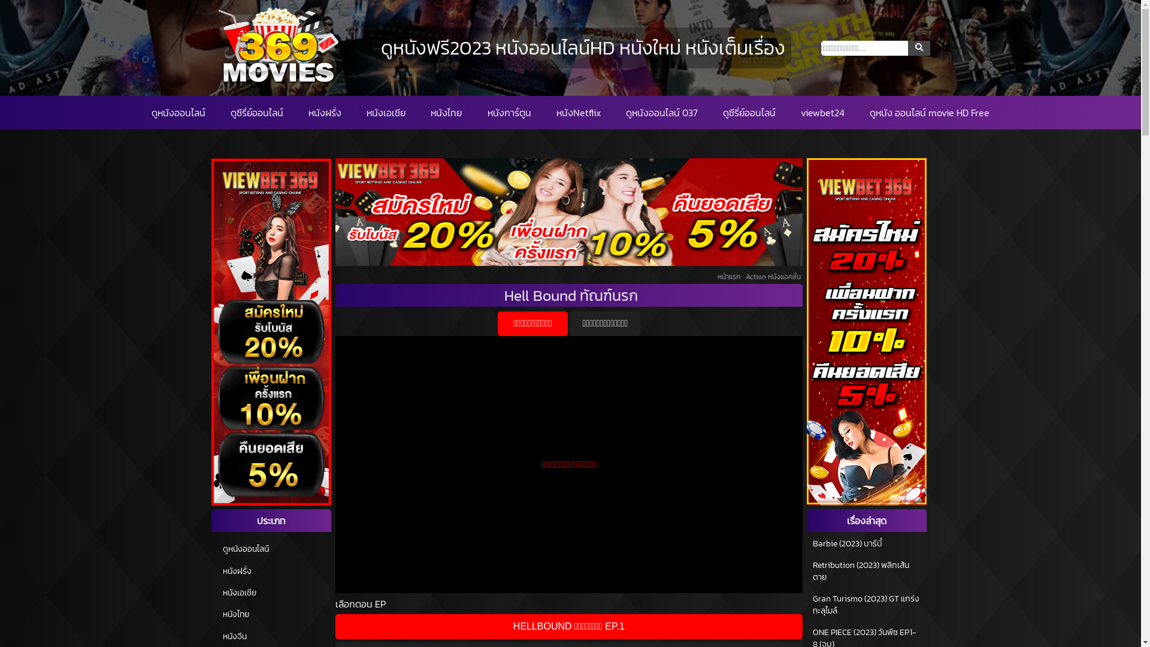 The width and height of the screenshot is (1150, 647). What do you see at coordinates (822, 113) in the screenshot?
I see `'viewbet24'` at bounding box center [822, 113].